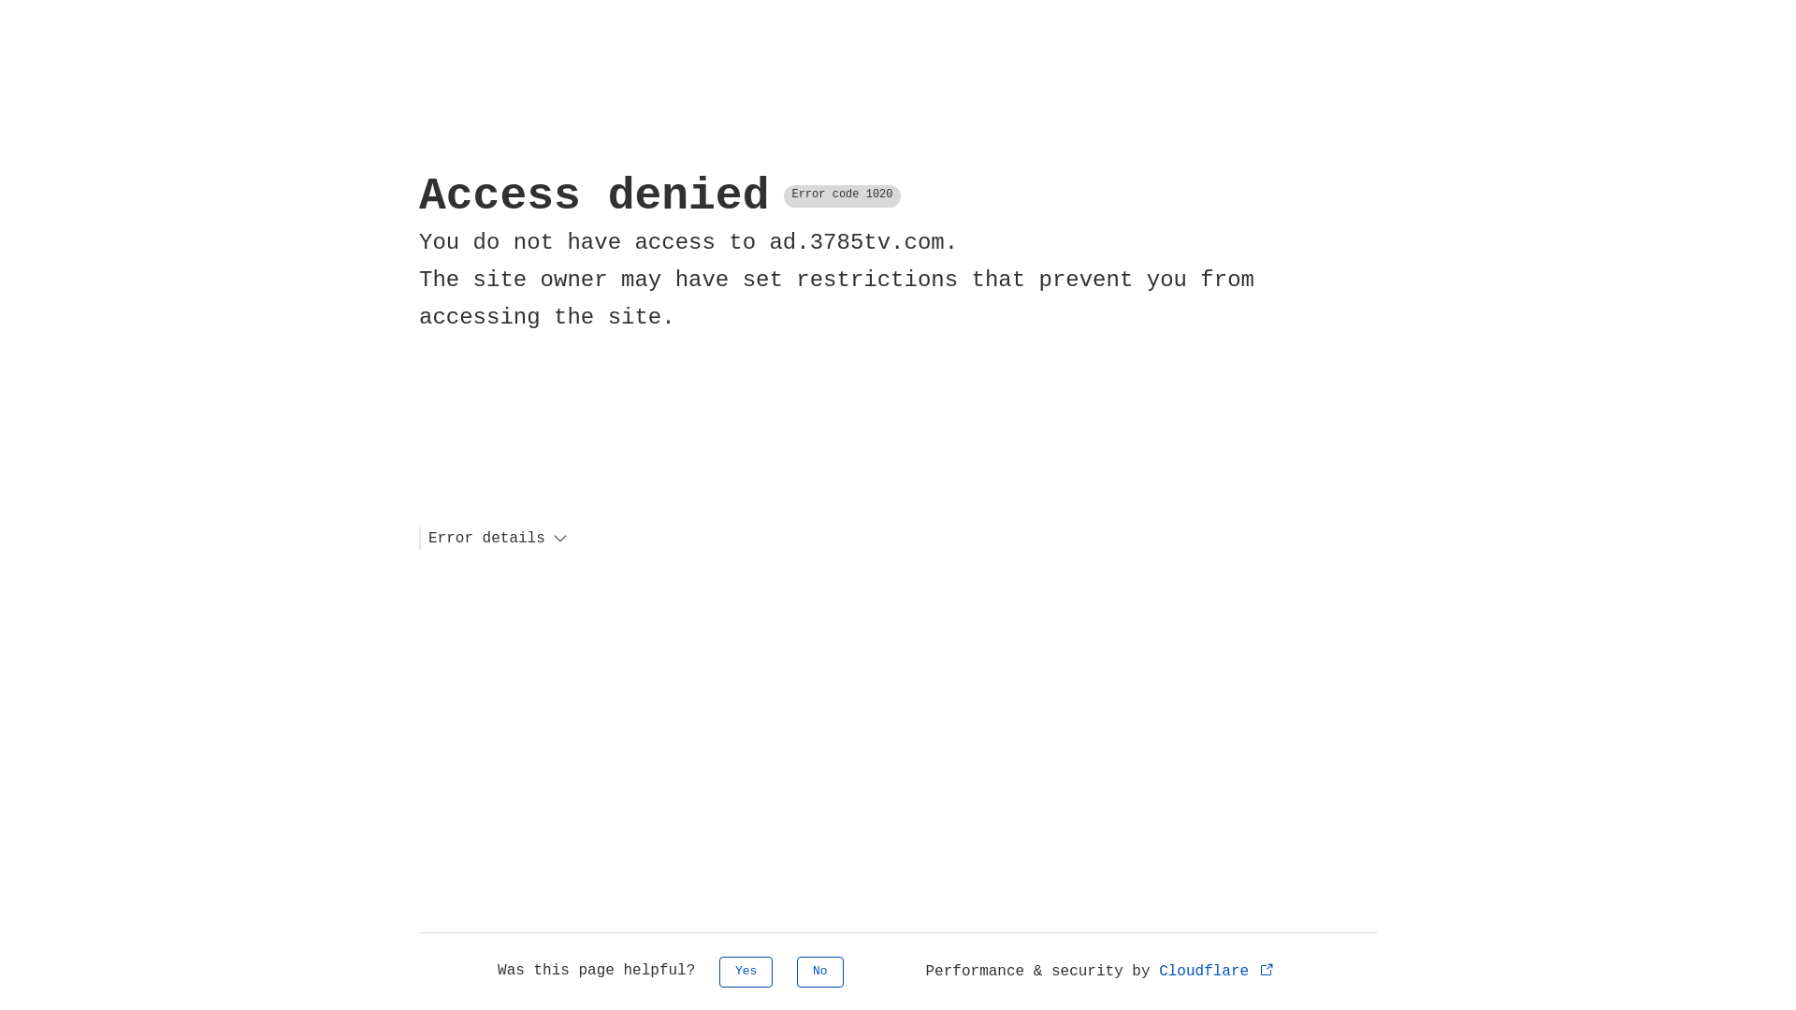  What do you see at coordinates (1217, 970) in the screenshot?
I see `'Cloudflare'` at bounding box center [1217, 970].